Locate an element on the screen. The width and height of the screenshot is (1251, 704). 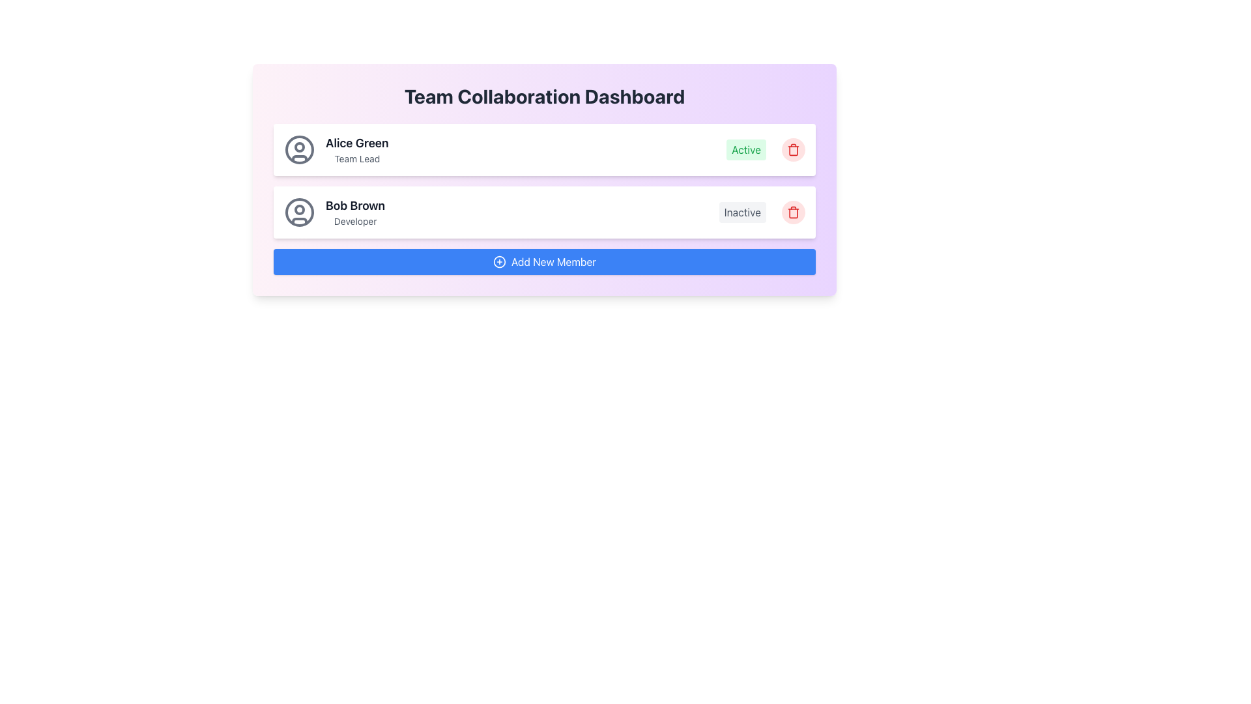
the text label displaying the name 'Alice Green' which is positioned above the text 'Team Lead' within a purple gradient card is located at coordinates (357, 143).